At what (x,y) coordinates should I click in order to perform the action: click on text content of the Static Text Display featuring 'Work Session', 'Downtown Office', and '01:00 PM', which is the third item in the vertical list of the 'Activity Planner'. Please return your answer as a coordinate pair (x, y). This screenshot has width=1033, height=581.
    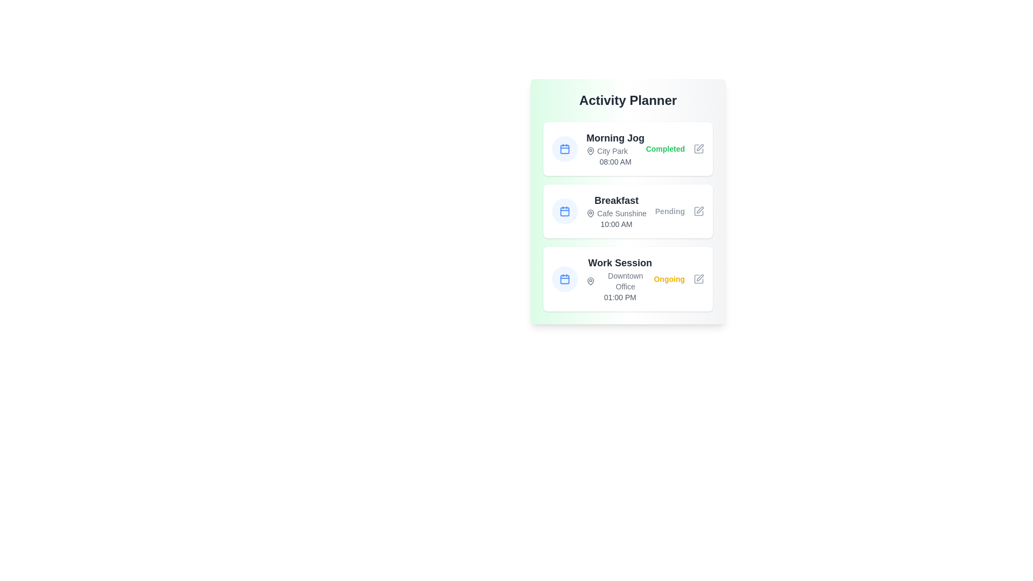
    Looking at the image, I should click on (620, 279).